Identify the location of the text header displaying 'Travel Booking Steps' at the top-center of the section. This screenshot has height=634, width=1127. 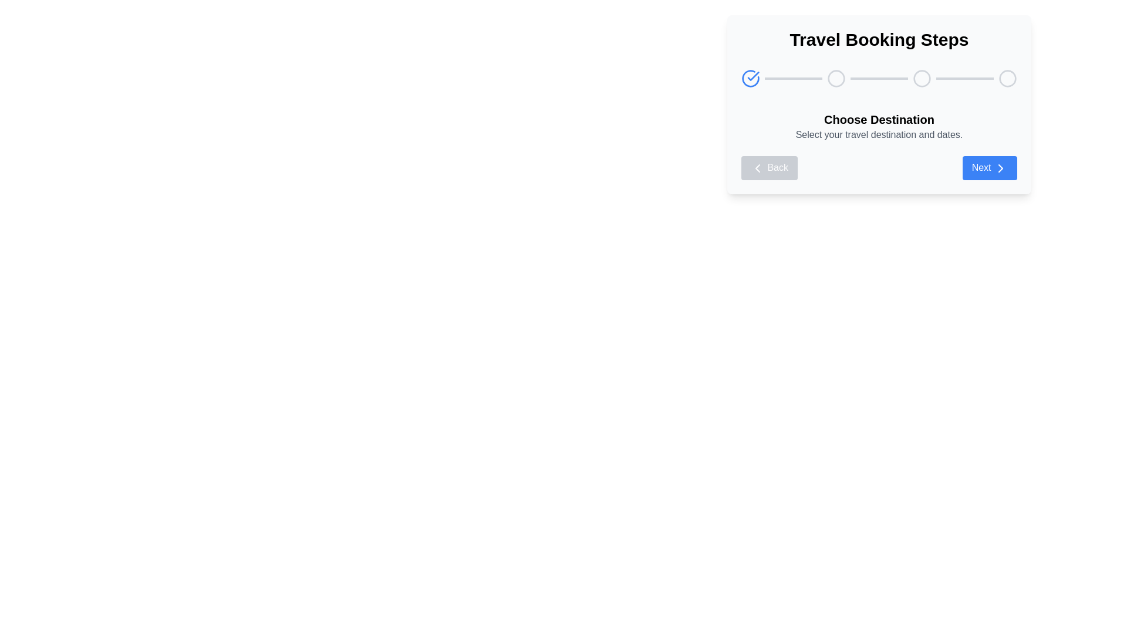
(879, 39).